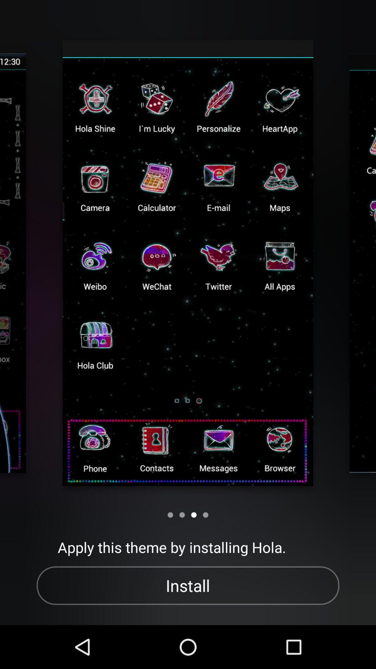 This screenshot has width=376, height=669. What do you see at coordinates (194, 515) in the screenshot?
I see `the icon above the apply this theme icon` at bounding box center [194, 515].